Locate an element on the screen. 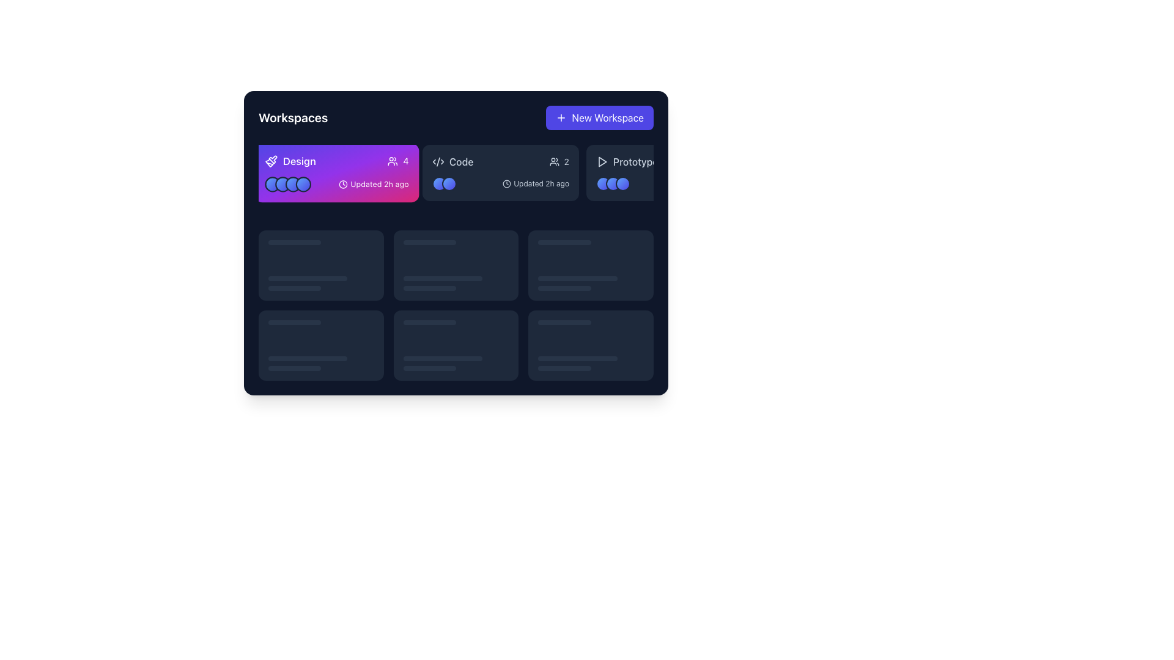 This screenshot has height=660, width=1174. the 'New Workspace' button with a vibrant indigo background and a plus icon to initiate workspace creation is located at coordinates (600, 117).